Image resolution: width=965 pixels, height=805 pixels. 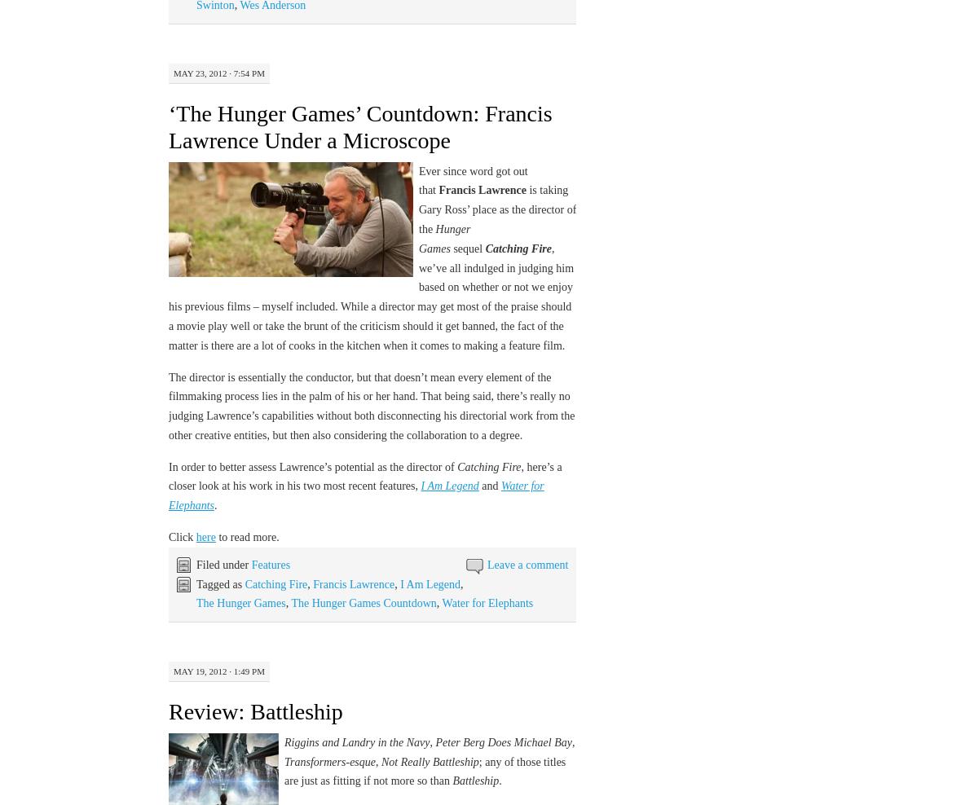 I want to click on 'Hunger Games', so click(x=444, y=237).